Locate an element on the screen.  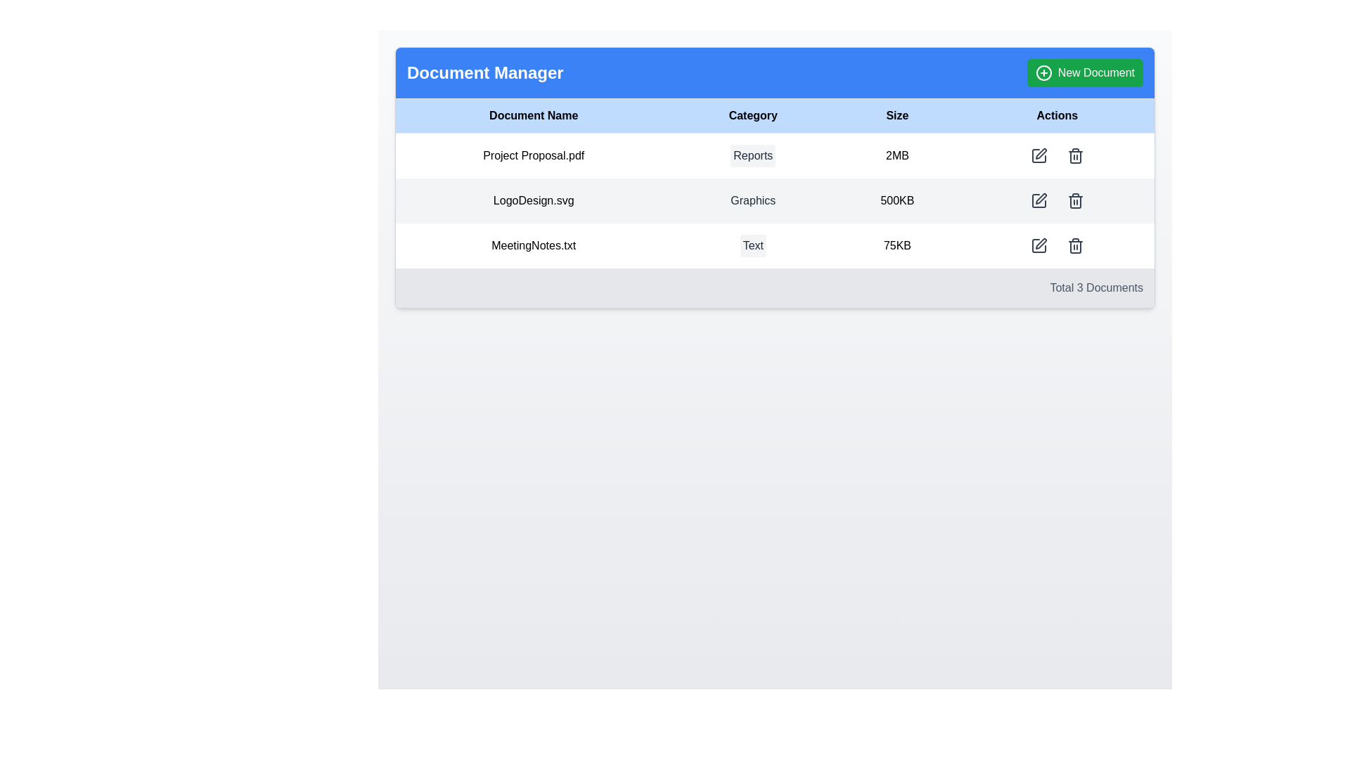
the static text element displaying '75KB' in the 'Size' column of the table related to the file 'MeetingNotes.txt' is located at coordinates (896, 245).